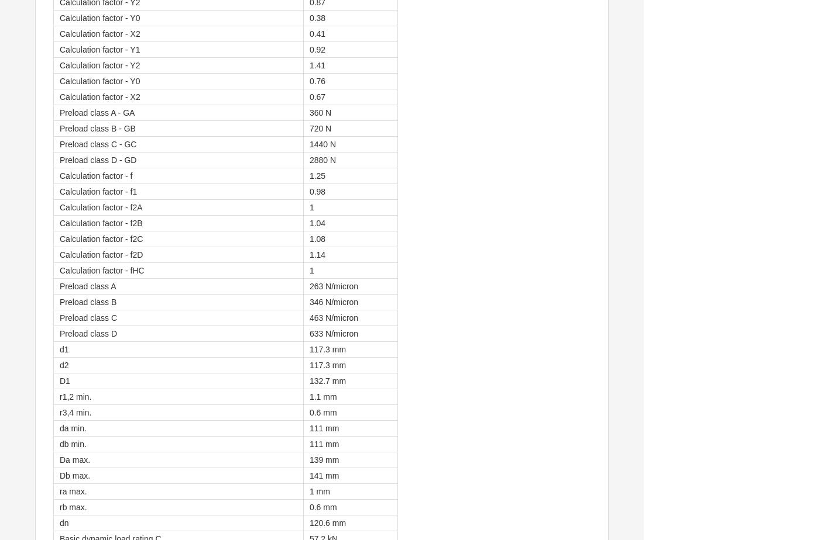  Describe the element at coordinates (322, 396) in the screenshot. I see `'1.1 mm'` at that location.